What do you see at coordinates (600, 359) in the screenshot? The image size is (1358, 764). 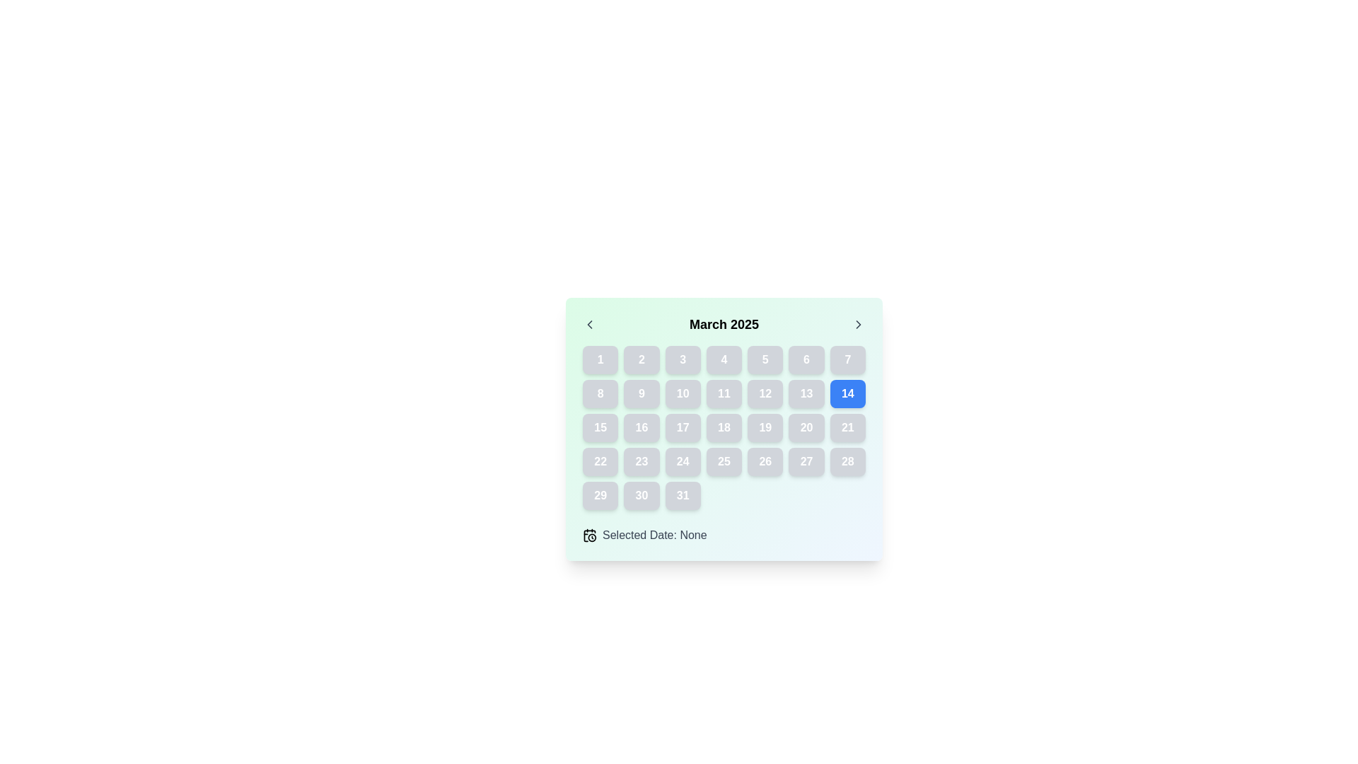 I see `the button representing day '1' in the calendar interface` at bounding box center [600, 359].